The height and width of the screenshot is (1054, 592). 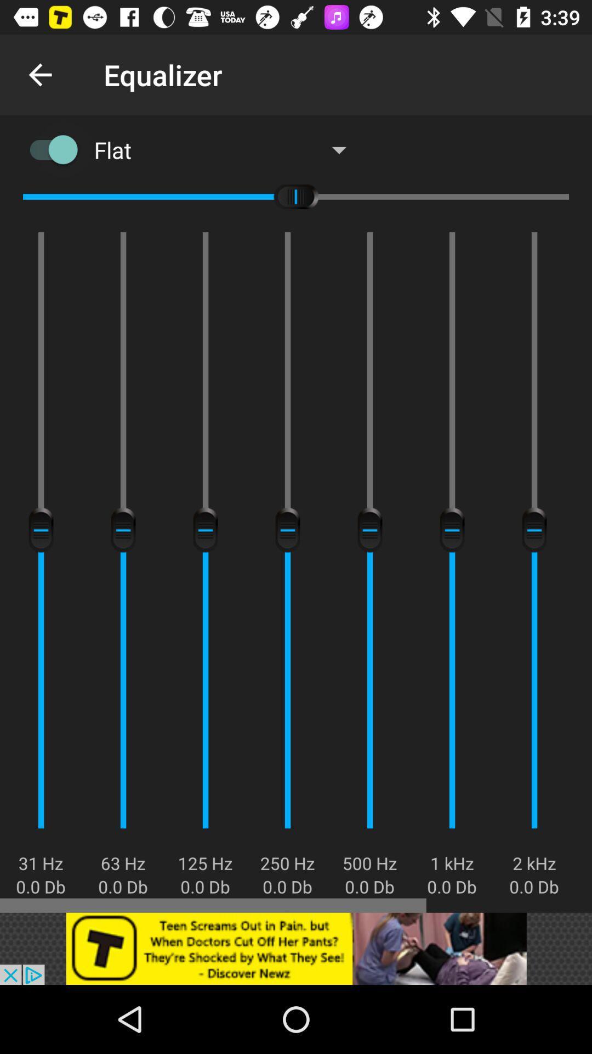 What do you see at coordinates (296, 948) in the screenshot?
I see `advertisement` at bounding box center [296, 948].